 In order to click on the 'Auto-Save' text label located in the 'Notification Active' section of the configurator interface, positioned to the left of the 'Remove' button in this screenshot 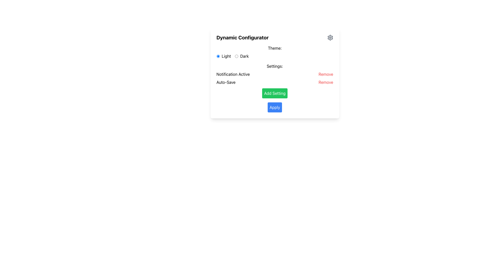, I will do `click(226, 82)`.